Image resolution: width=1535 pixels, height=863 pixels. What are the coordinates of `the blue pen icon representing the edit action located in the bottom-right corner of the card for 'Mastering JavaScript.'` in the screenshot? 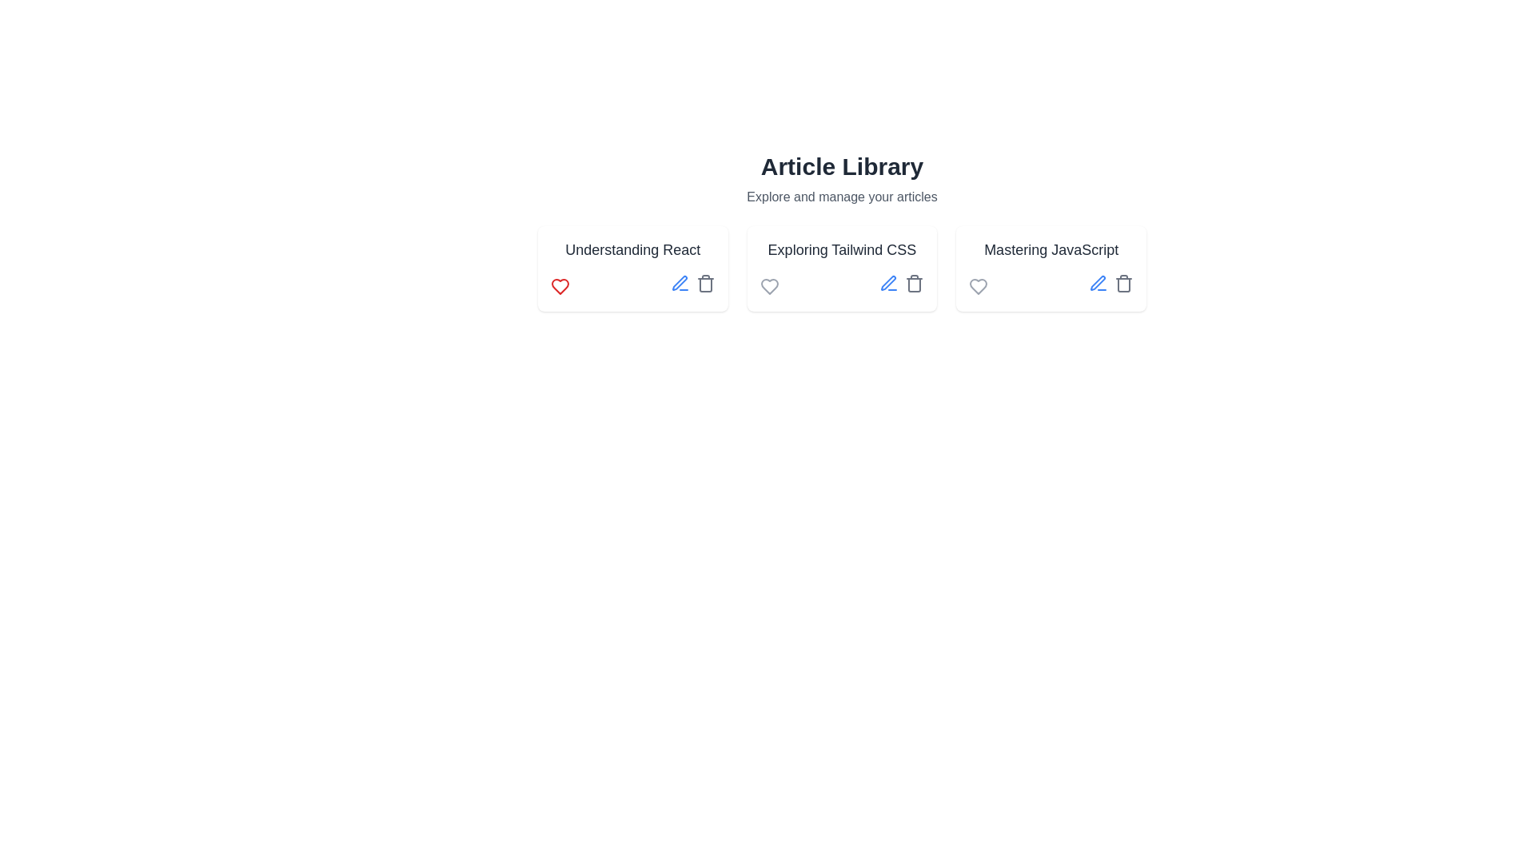 It's located at (1097, 282).